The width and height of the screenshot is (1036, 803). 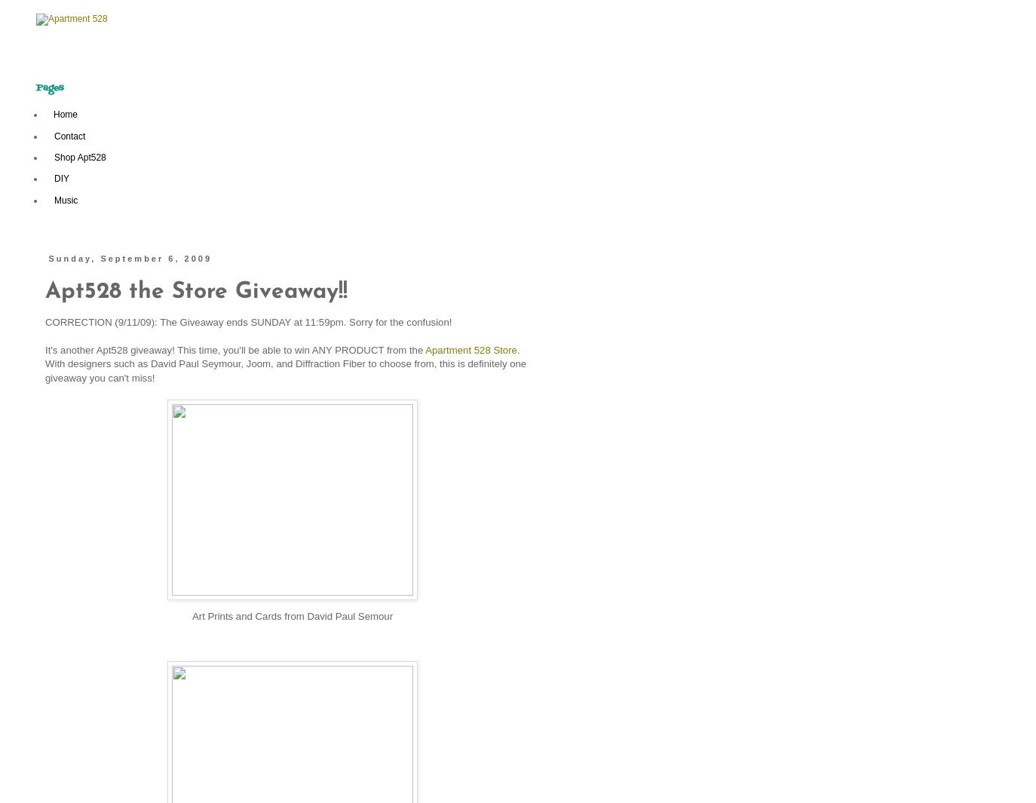 What do you see at coordinates (48, 87) in the screenshot?
I see `'Pages'` at bounding box center [48, 87].